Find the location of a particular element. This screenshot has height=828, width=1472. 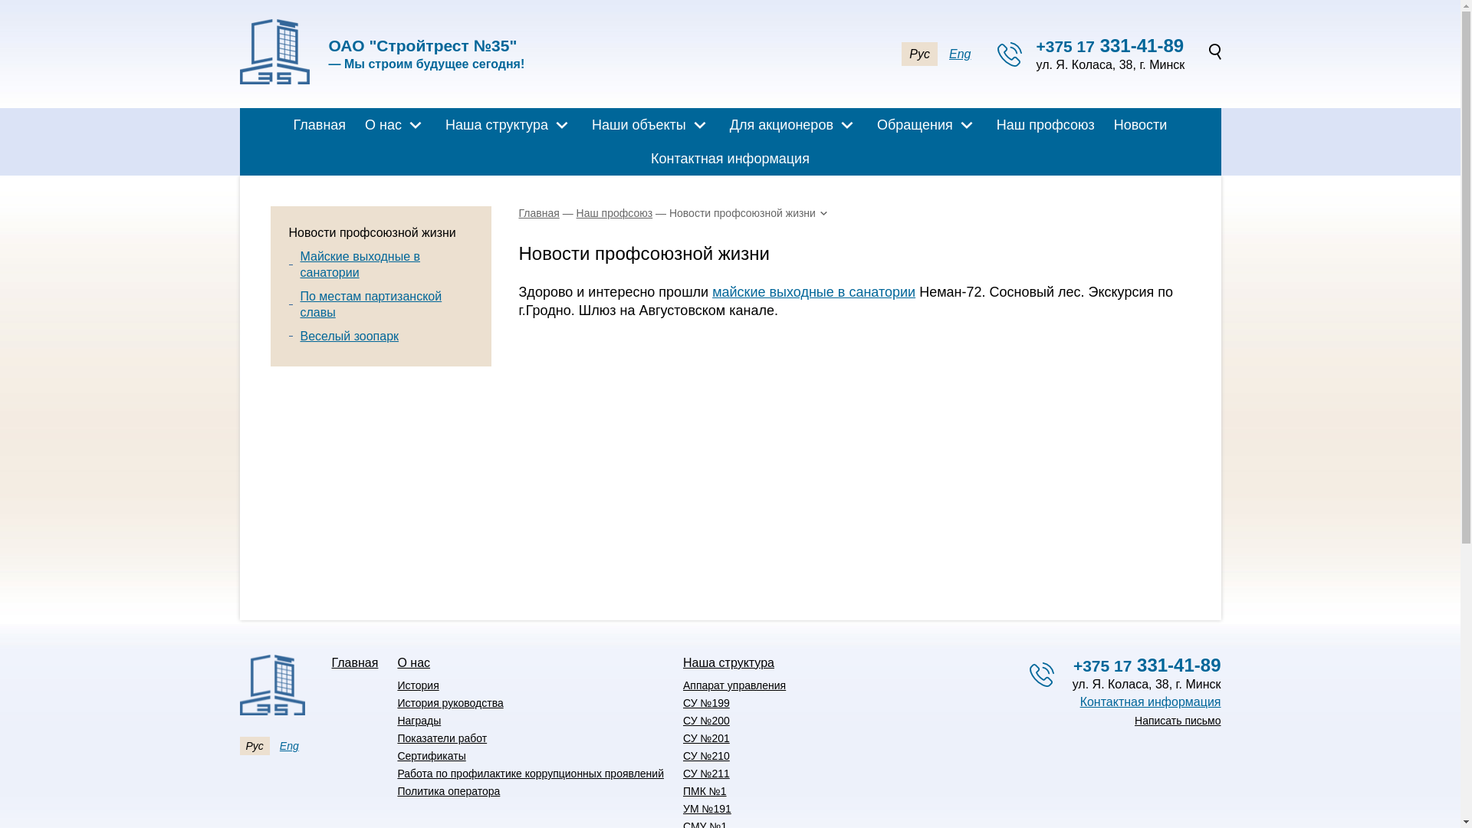

'Eng' is located at coordinates (959, 53).